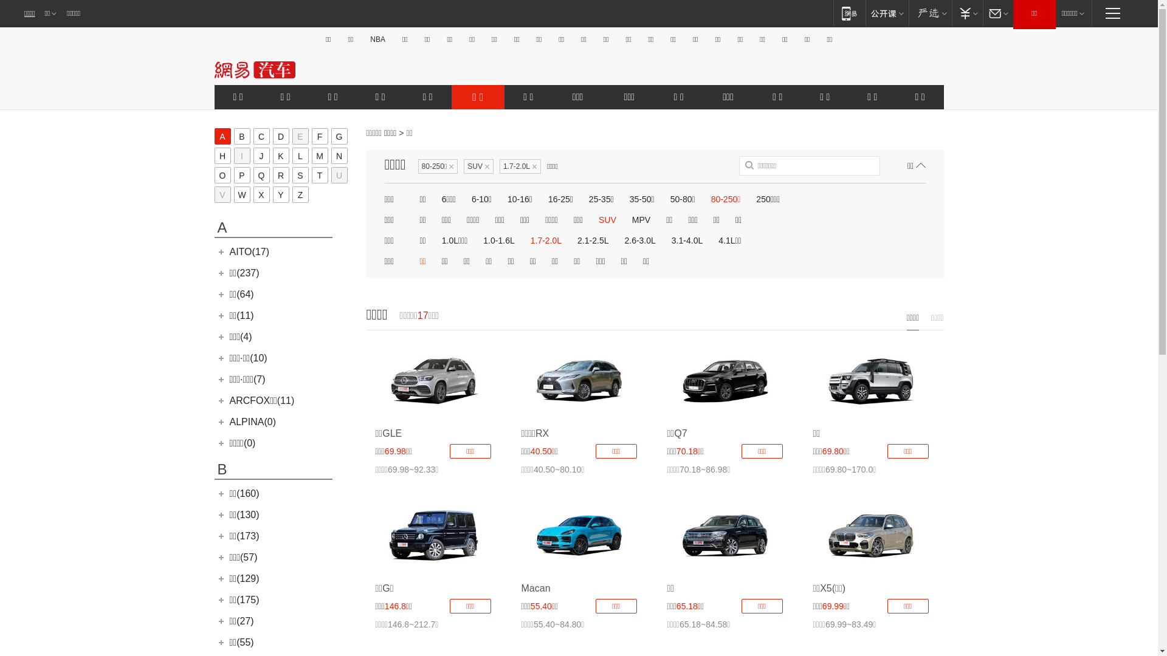 This screenshot has height=656, width=1167. I want to click on 'P', so click(241, 175).